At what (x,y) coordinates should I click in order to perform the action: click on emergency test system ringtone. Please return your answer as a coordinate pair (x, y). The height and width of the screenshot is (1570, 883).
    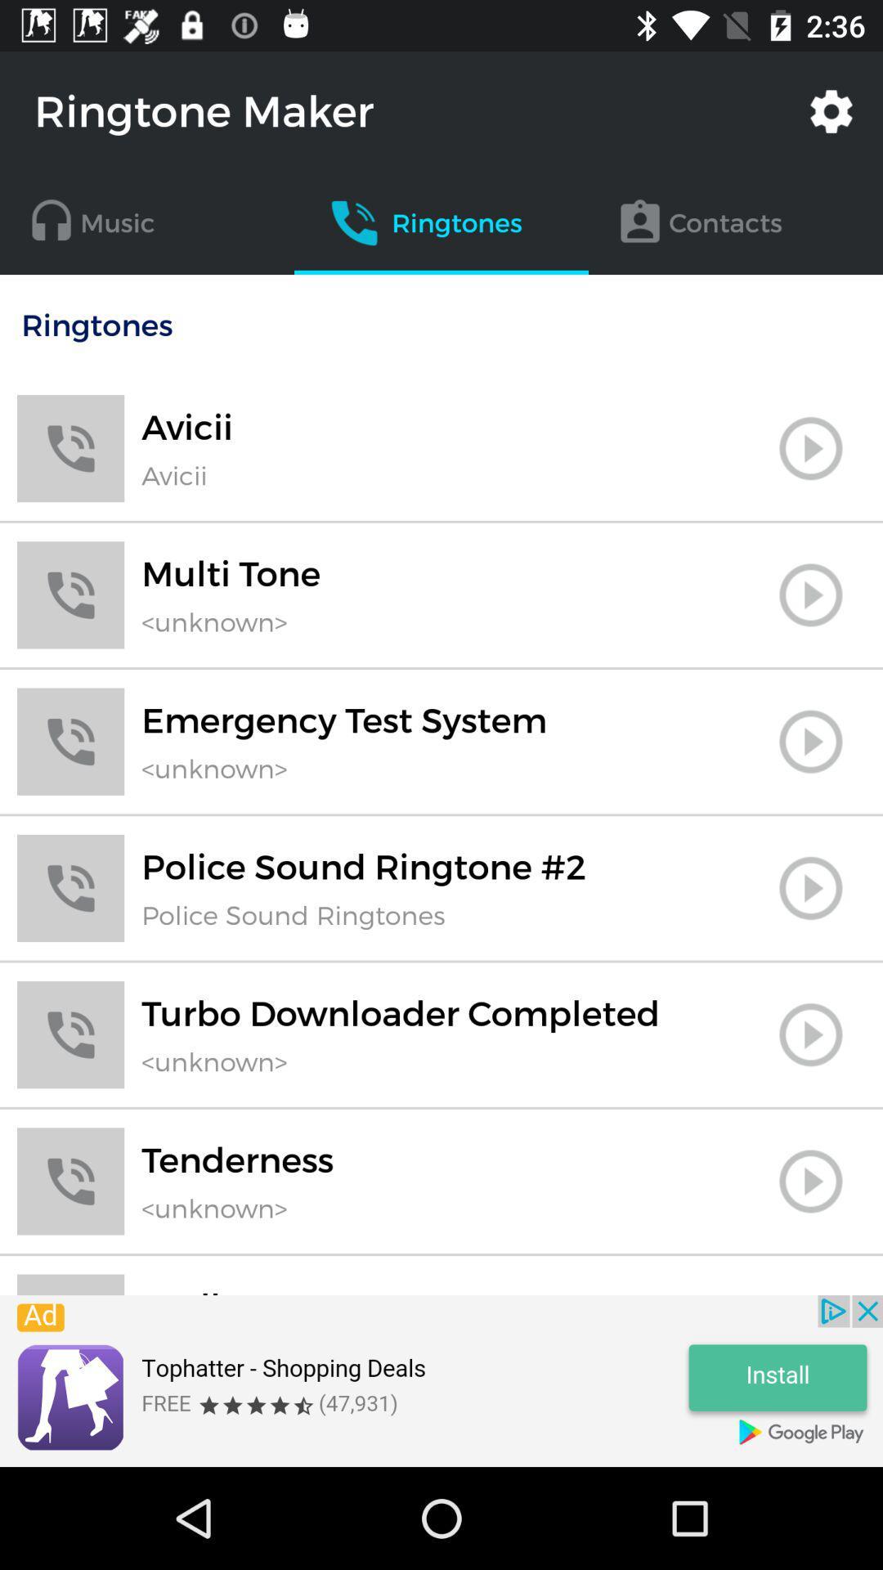
    Looking at the image, I should click on (810, 741).